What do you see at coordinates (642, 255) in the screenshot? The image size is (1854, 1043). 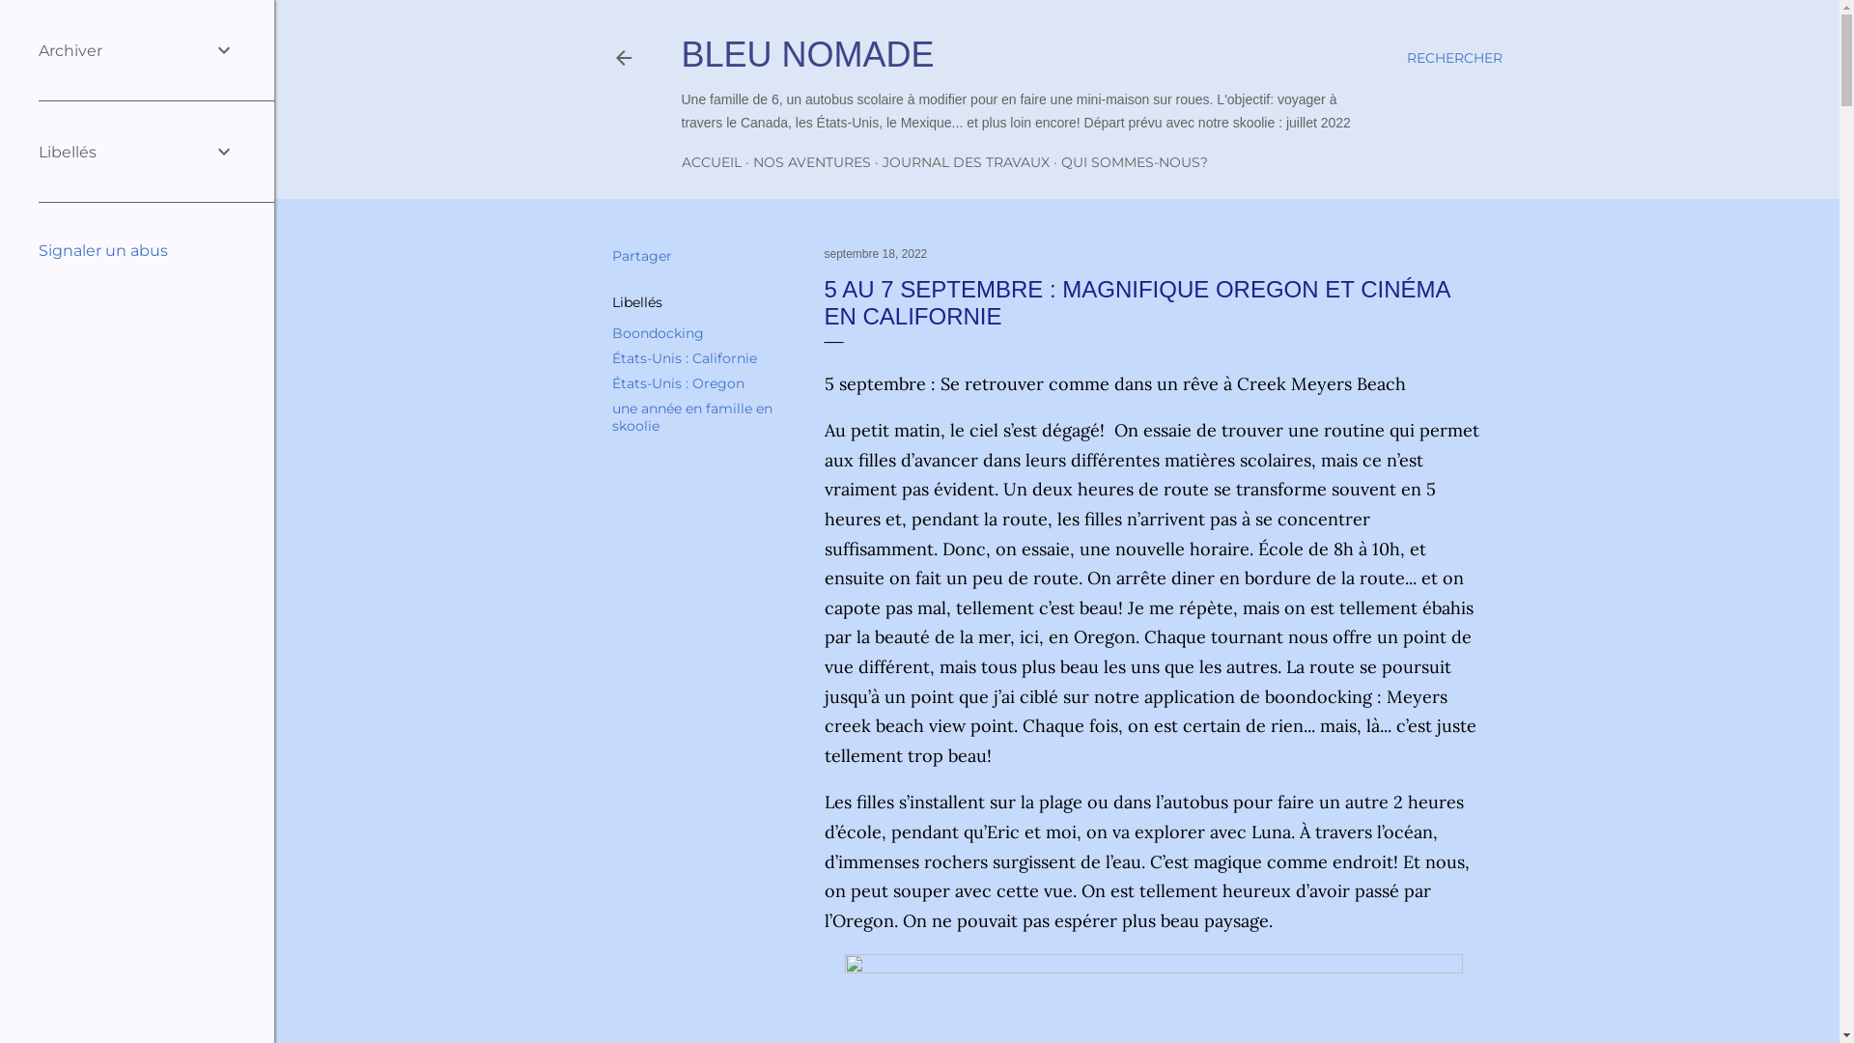 I see `'Partager'` at bounding box center [642, 255].